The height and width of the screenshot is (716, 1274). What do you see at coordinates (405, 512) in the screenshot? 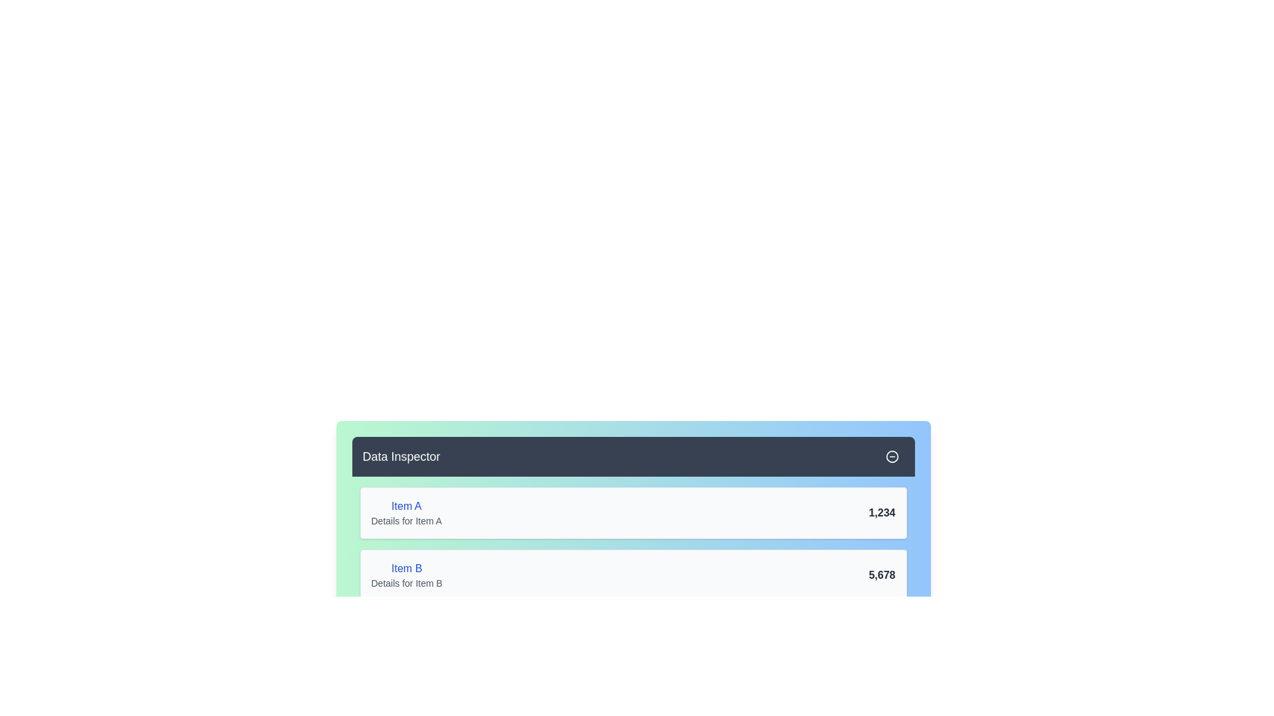
I see `text block that provides a descriptive label and additional details for 'Item A' in the upper card of the Data Inspector list` at bounding box center [405, 512].